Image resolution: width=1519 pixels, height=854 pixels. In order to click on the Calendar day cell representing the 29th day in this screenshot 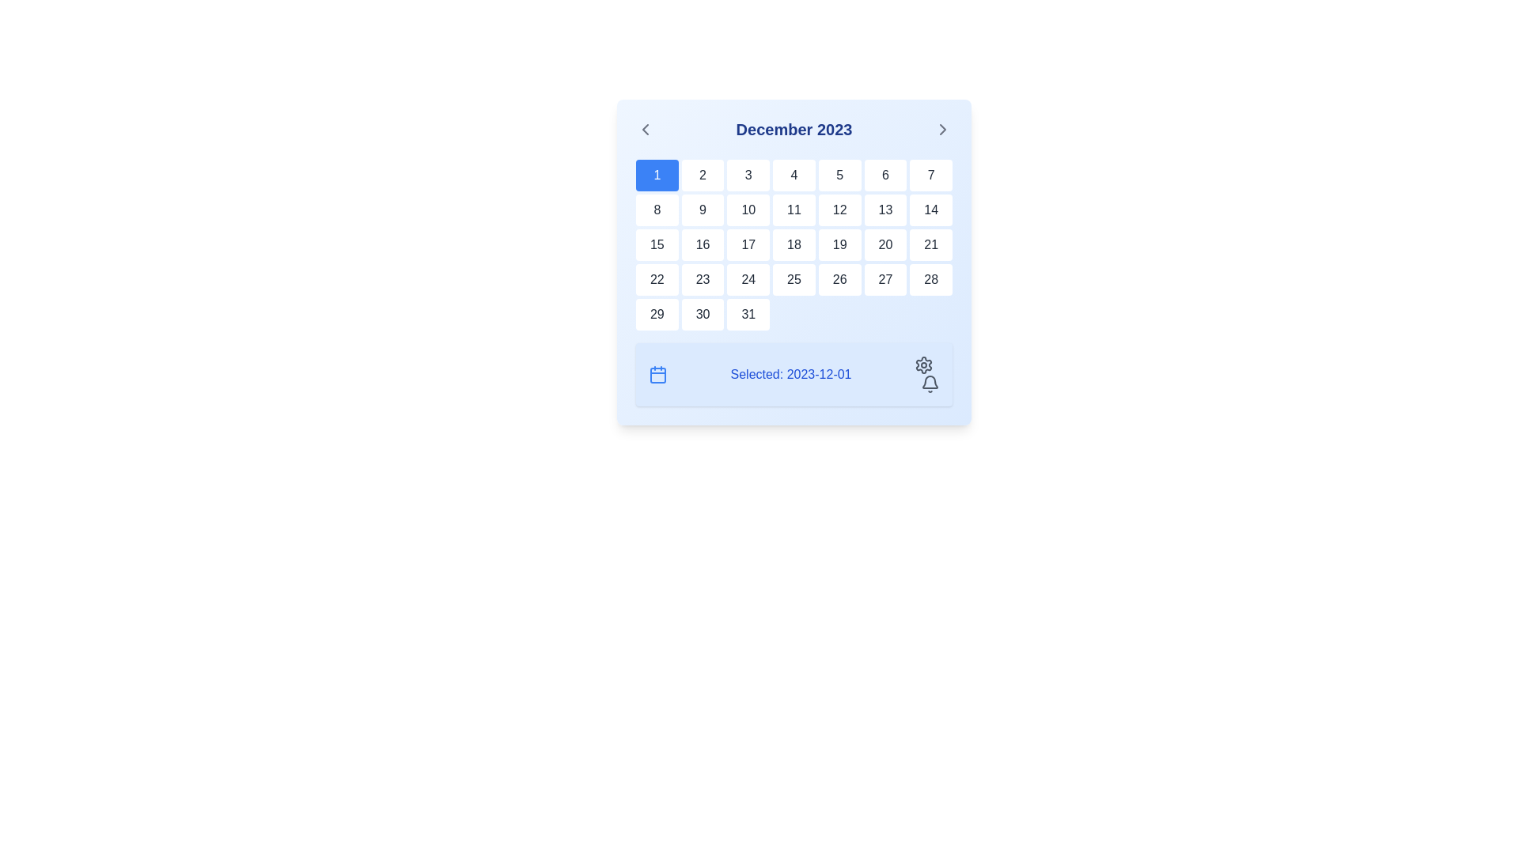, I will do `click(657, 314)`.